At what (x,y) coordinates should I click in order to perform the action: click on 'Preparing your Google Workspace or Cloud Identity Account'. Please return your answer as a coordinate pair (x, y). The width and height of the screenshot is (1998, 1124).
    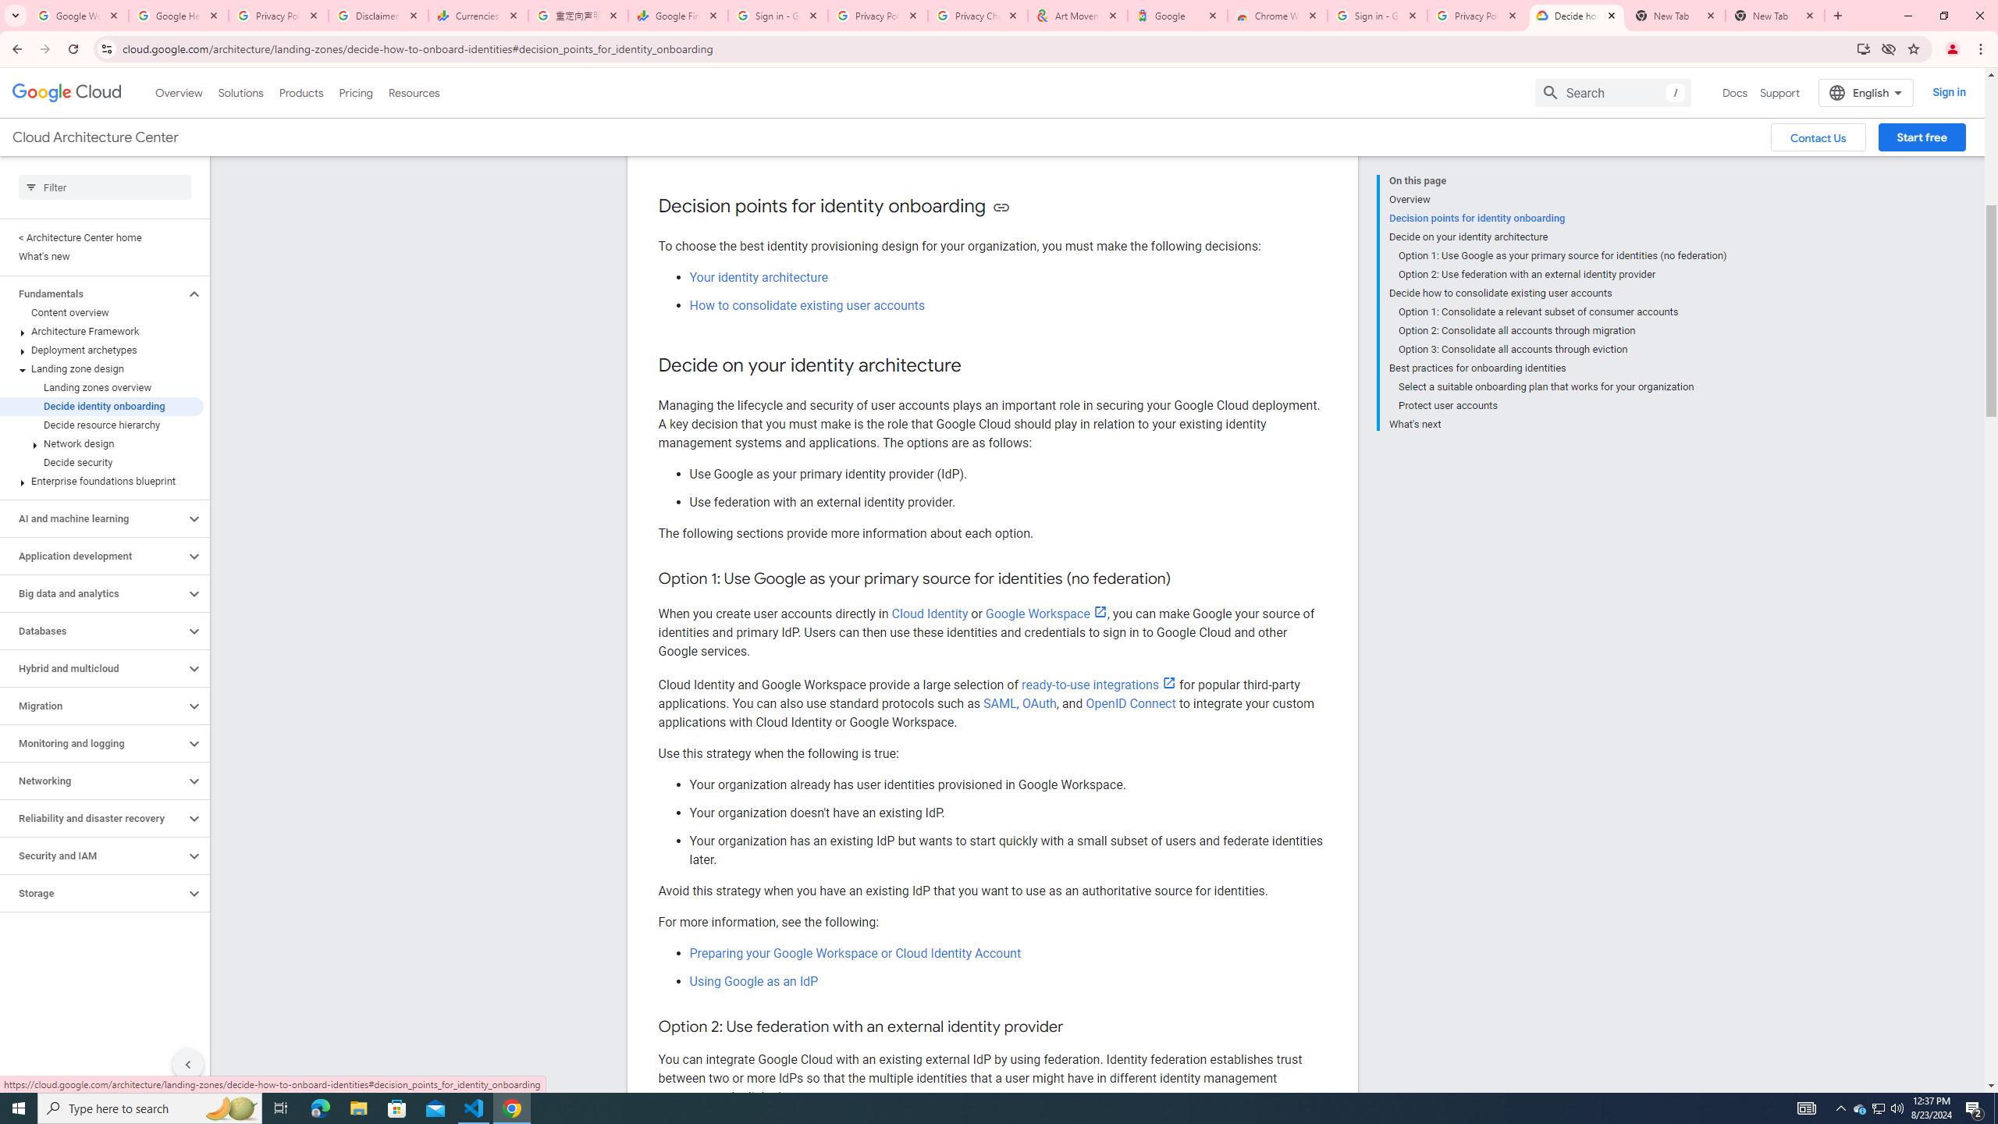
    Looking at the image, I should click on (854, 953).